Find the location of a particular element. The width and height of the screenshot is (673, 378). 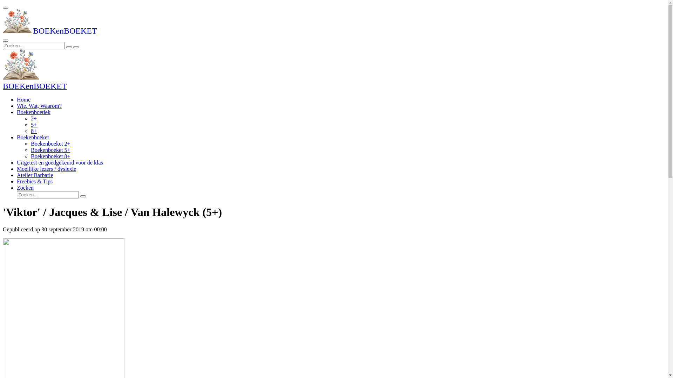

'BOEKenBOEKET' is located at coordinates (21, 65).